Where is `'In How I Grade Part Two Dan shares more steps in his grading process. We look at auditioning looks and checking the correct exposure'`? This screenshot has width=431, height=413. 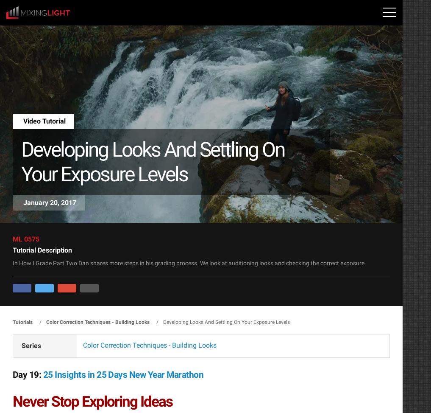
'In How I Grade Part Two Dan shares more steps in his grading process. We look at auditioning looks and checking the correct exposure' is located at coordinates (189, 263).